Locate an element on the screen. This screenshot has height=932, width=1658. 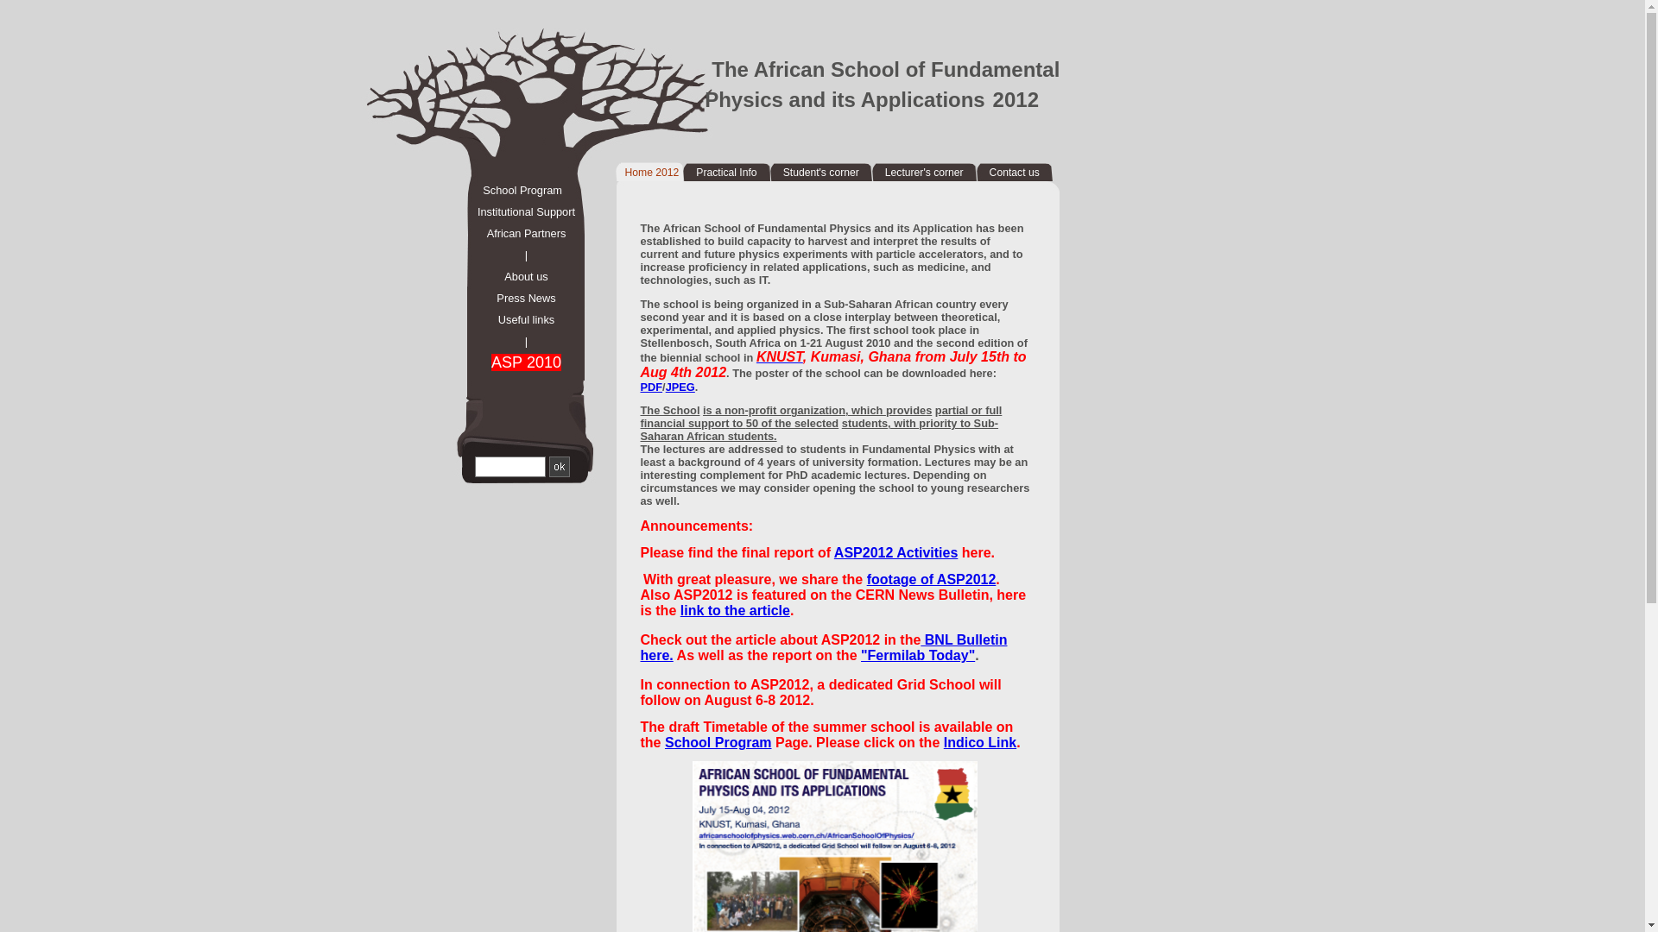
'Press News' is located at coordinates (516, 297).